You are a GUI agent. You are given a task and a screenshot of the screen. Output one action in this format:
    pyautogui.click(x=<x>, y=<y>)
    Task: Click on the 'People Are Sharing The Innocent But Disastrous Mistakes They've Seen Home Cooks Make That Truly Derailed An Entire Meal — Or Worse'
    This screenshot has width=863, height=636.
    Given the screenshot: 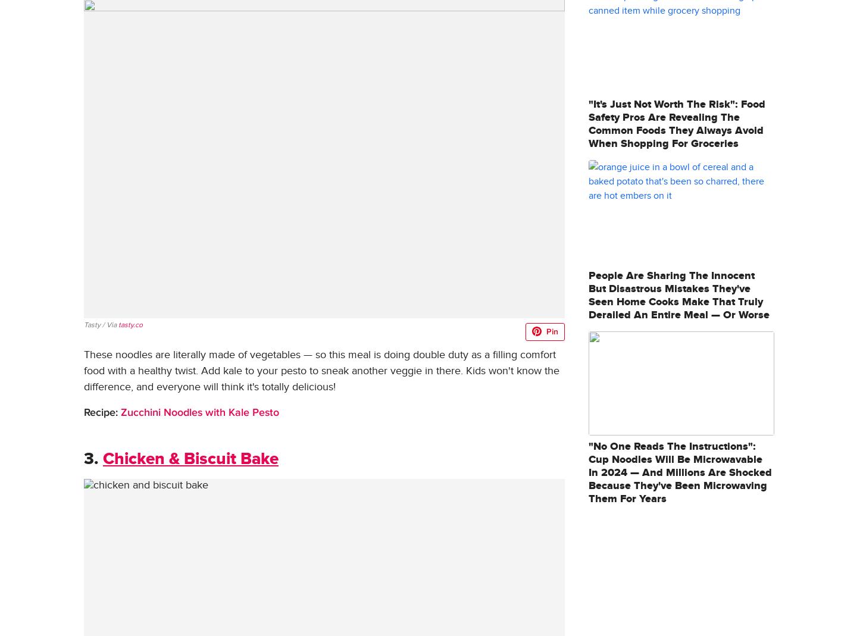 What is the action you would take?
    pyautogui.click(x=589, y=294)
    